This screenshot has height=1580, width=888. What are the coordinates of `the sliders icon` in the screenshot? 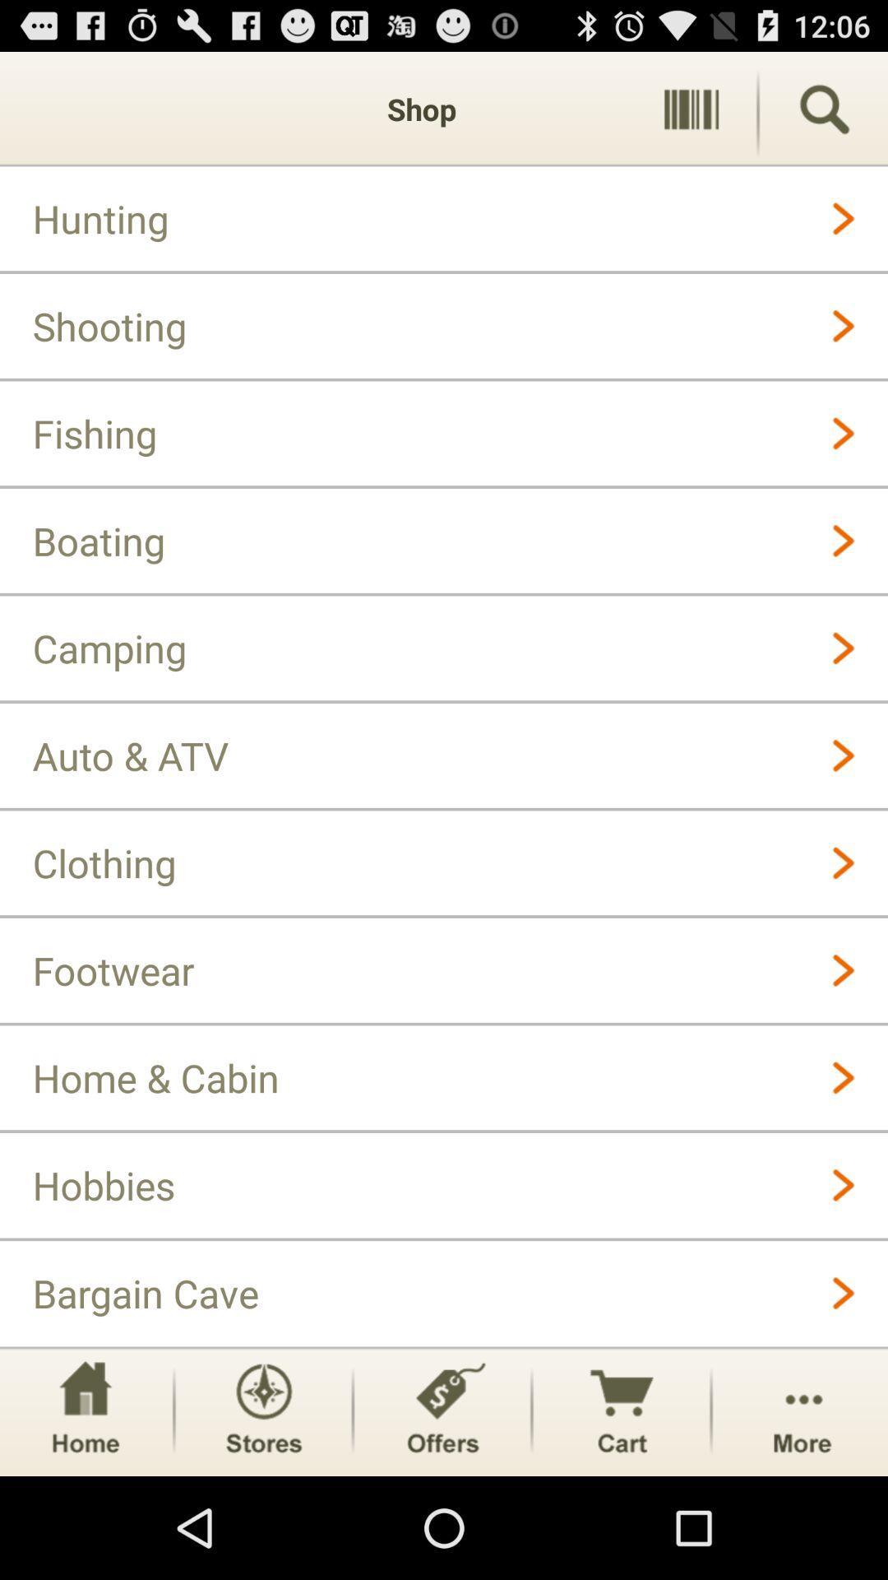 It's located at (691, 116).